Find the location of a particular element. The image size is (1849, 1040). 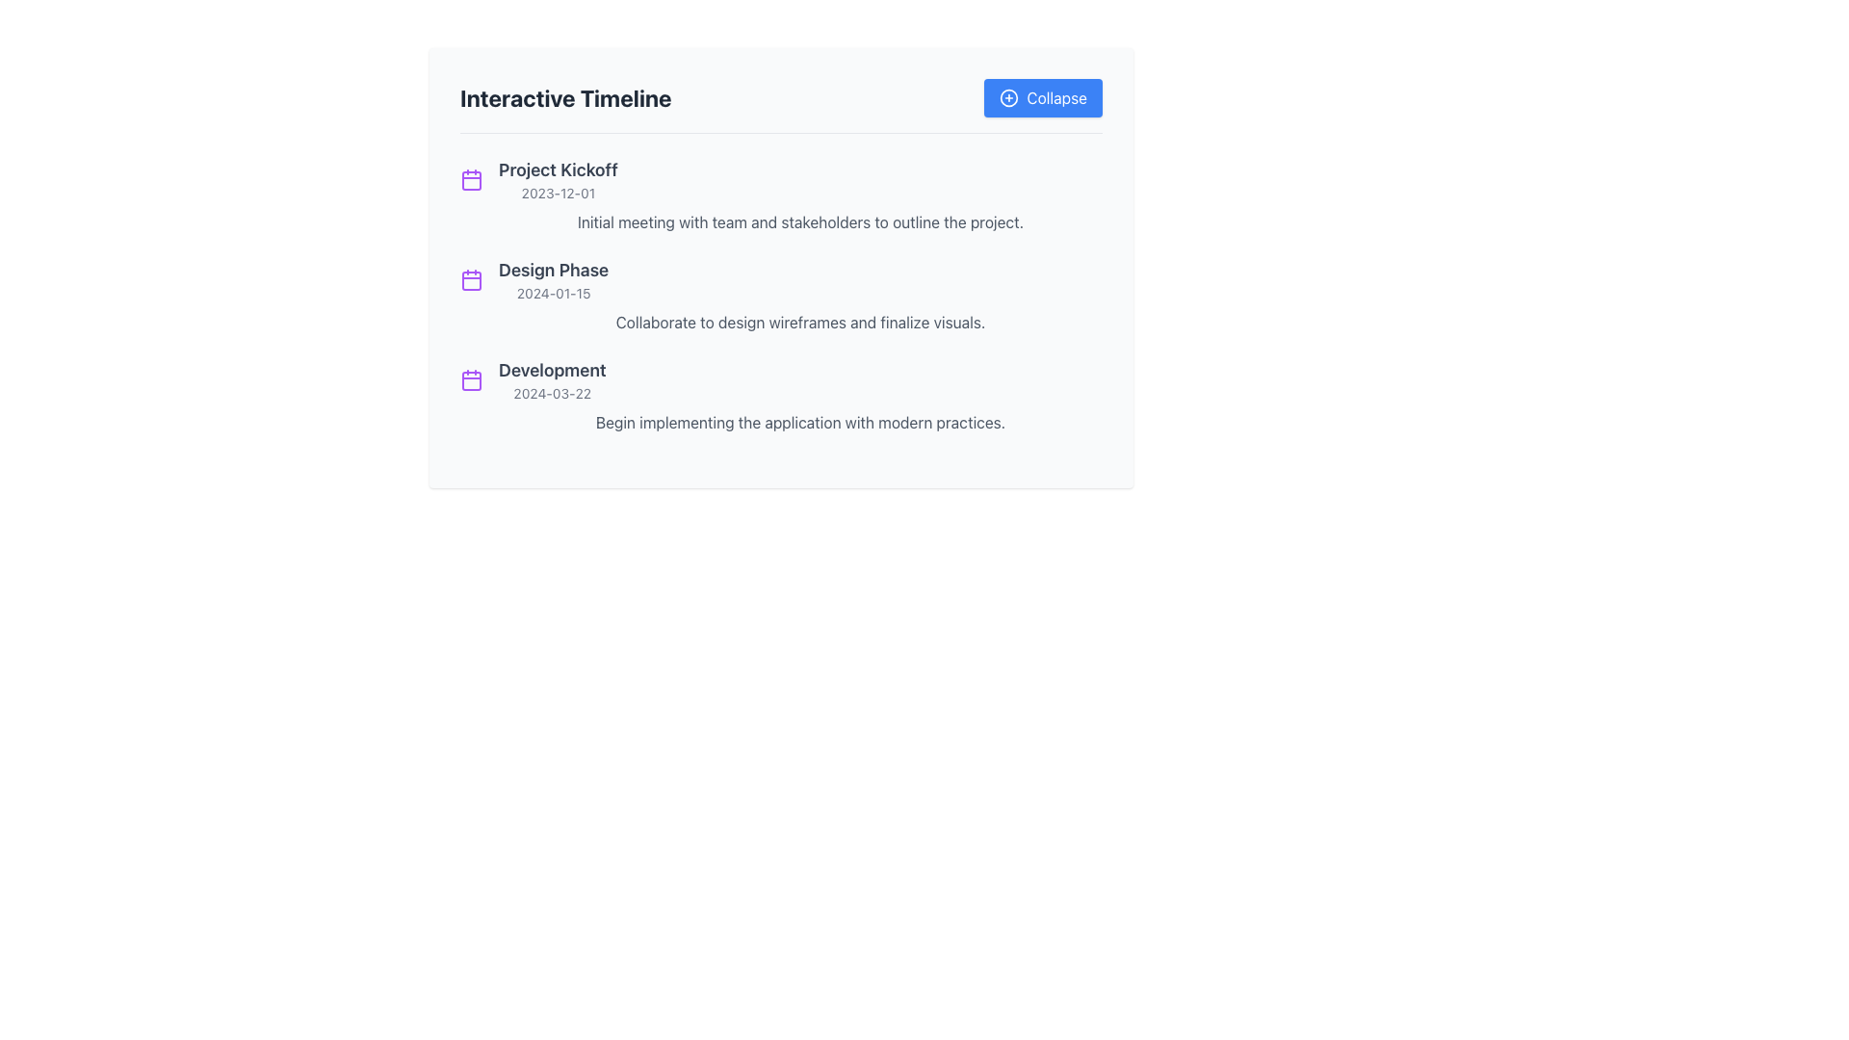

the calendar icon that represents the 'Development' entry in the timeline interface, which is visually styled in purple and located adjacent to the text 'Development 2024-03-22' is located at coordinates (471, 379).